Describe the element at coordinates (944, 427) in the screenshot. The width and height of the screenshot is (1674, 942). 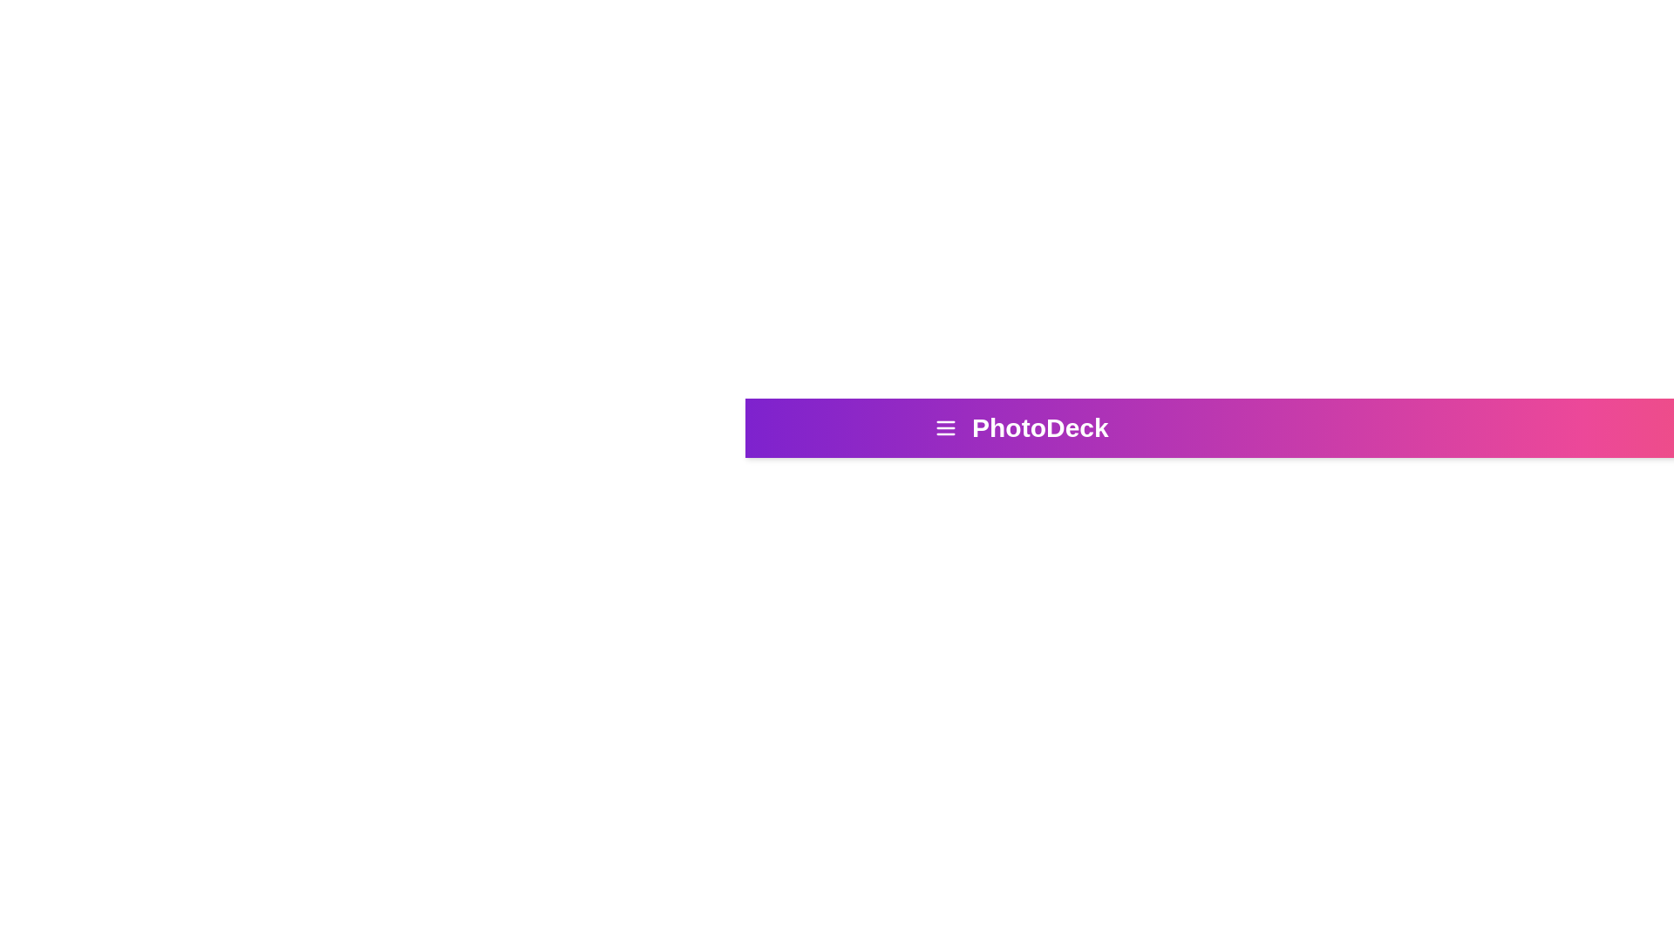
I see `the menu icon to open the menu` at that location.